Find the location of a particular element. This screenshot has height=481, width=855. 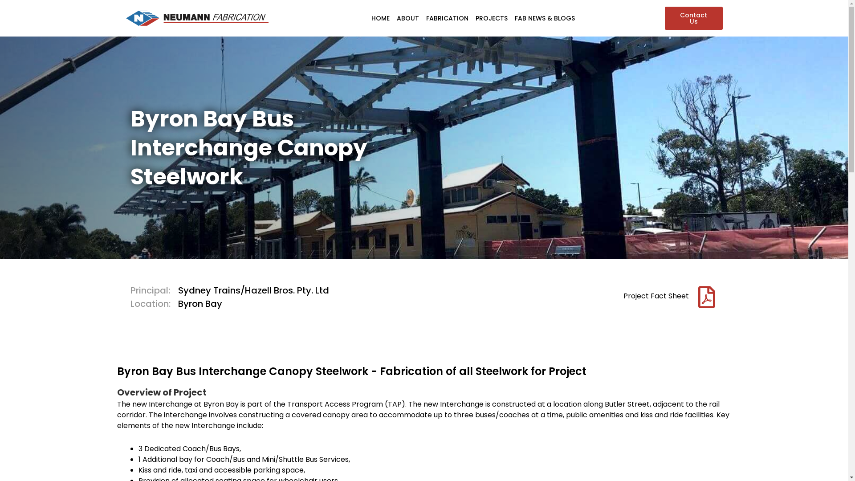

'ABOUT' is located at coordinates (407, 18).